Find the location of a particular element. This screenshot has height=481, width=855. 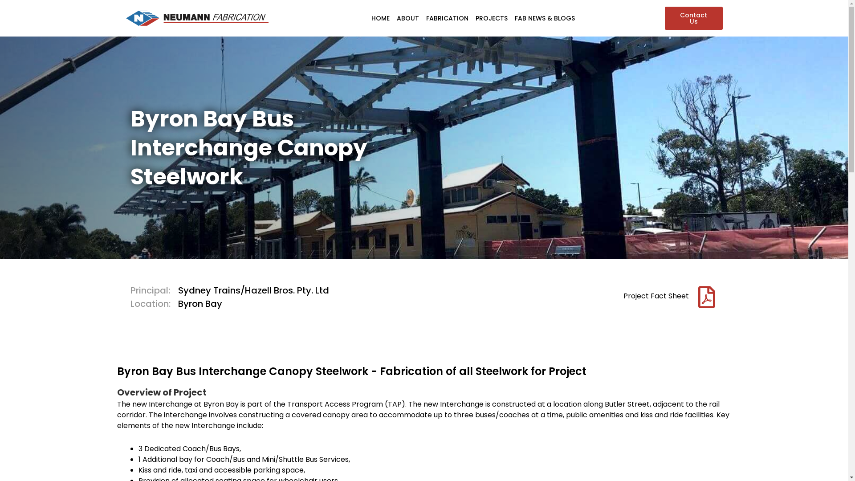

'ABOUT' is located at coordinates (407, 18).